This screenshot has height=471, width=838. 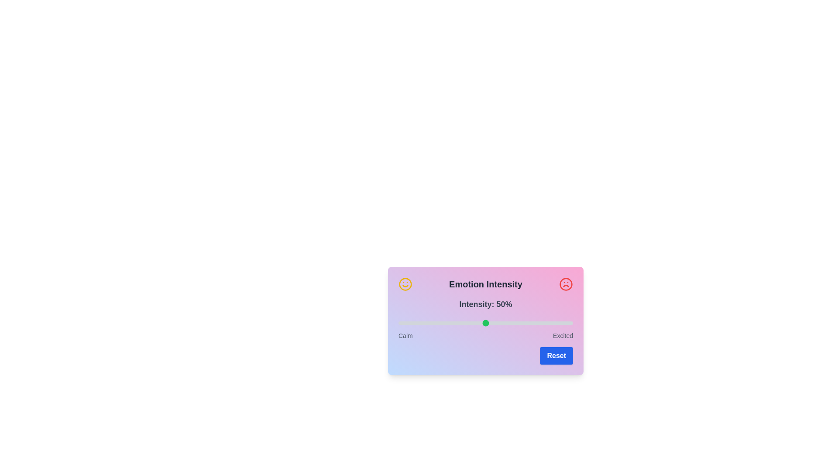 What do you see at coordinates (478, 323) in the screenshot?
I see `the intensity slider to 46%` at bounding box center [478, 323].